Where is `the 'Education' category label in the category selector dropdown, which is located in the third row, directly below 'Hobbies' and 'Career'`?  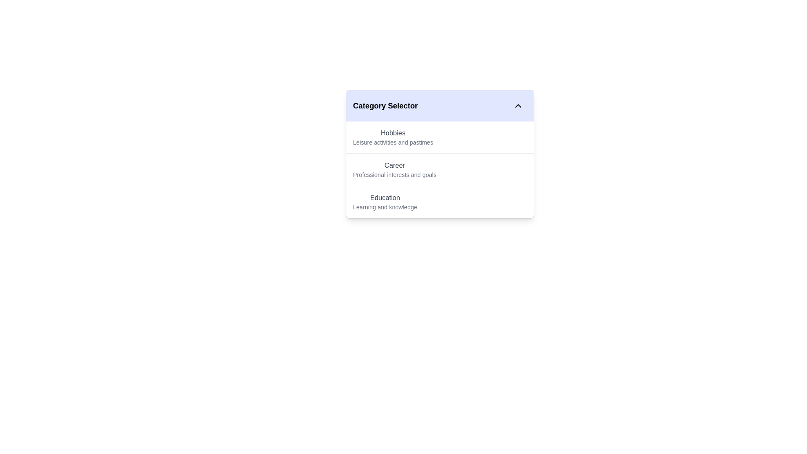 the 'Education' category label in the category selector dropdown, which is located in the third row, directly below 'Hobbies' and 'Career' is located at coordinates (385, 198).